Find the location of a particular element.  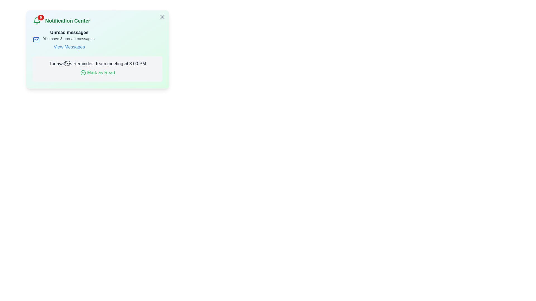

the icon that visually indicates marking an item as read, located to the left of the text 'Mark as Read' within the notification box is located at coordinates (83, 72).